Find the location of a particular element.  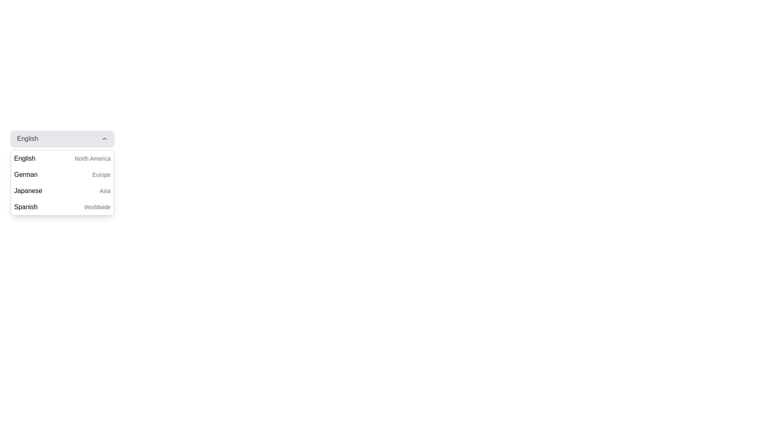

the dropdown menu containing language options below the 'English' button is located at coordinates (62, 182).